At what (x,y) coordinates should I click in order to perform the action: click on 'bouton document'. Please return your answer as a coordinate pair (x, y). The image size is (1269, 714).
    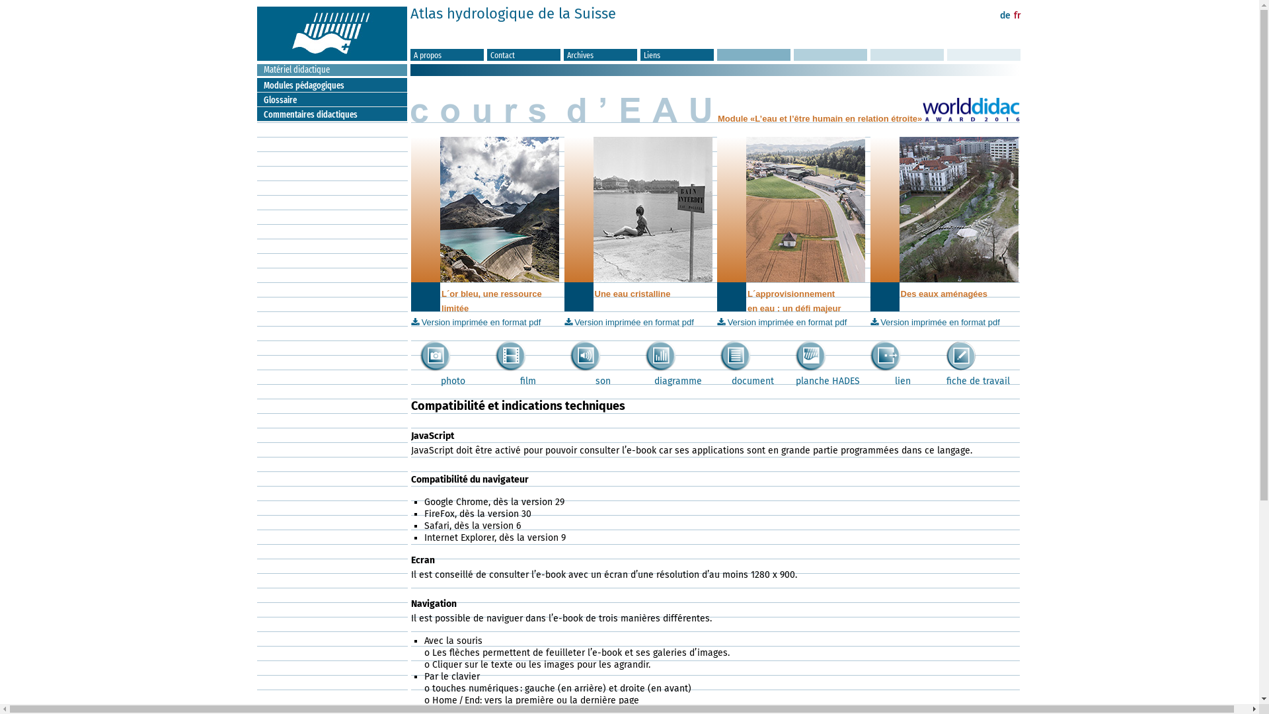
    Looking at the image, I should click on (734, 355).